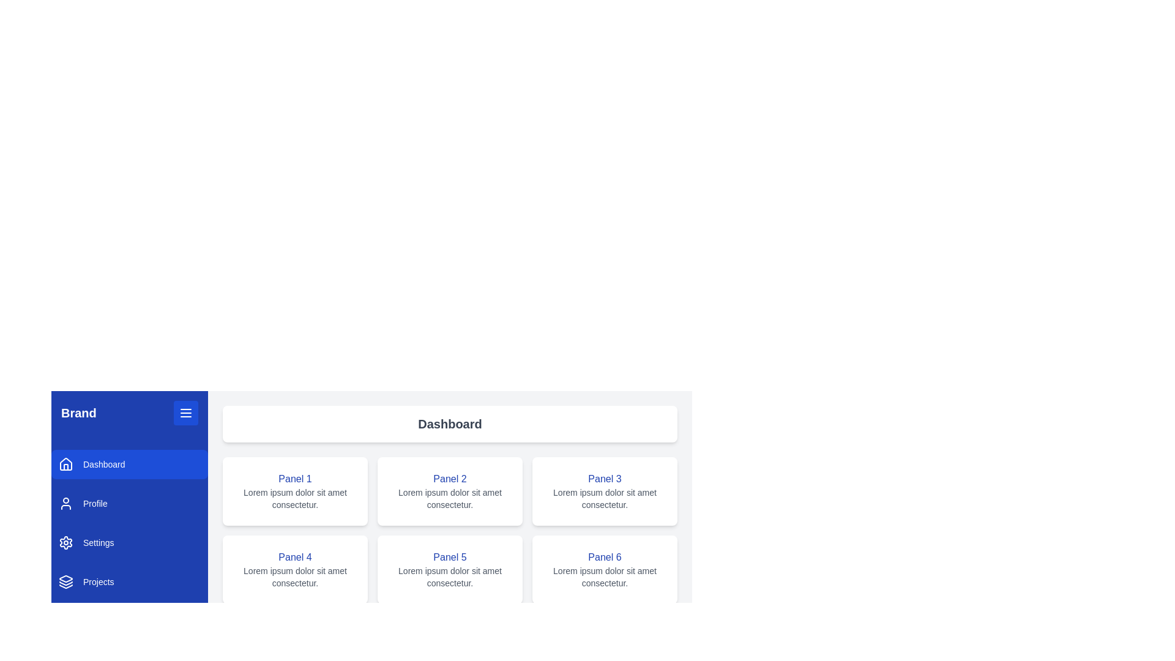 This screenshot has height=661, width=1175. What do you see at coordinates (605, 490) in the screenshot?
I see `the Static information panel titled 'Panel 3', which features a white background, rounded corners, and contains text in blue and gray fonts` at bounding box center [605, 490].